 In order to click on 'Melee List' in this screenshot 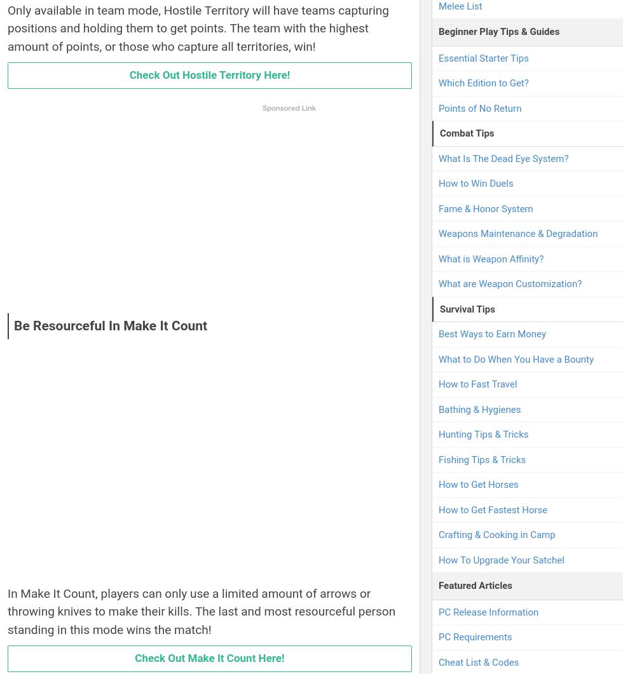, I will do `click(439, 6)`.